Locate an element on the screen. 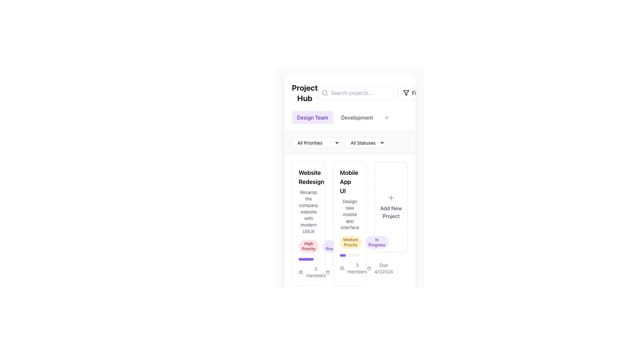 This screenshot has width=624, height=351. the progress bar segment indicating 30% completion within the second column of the 'Mobile App UI' card is located at coordinates (343, 255).